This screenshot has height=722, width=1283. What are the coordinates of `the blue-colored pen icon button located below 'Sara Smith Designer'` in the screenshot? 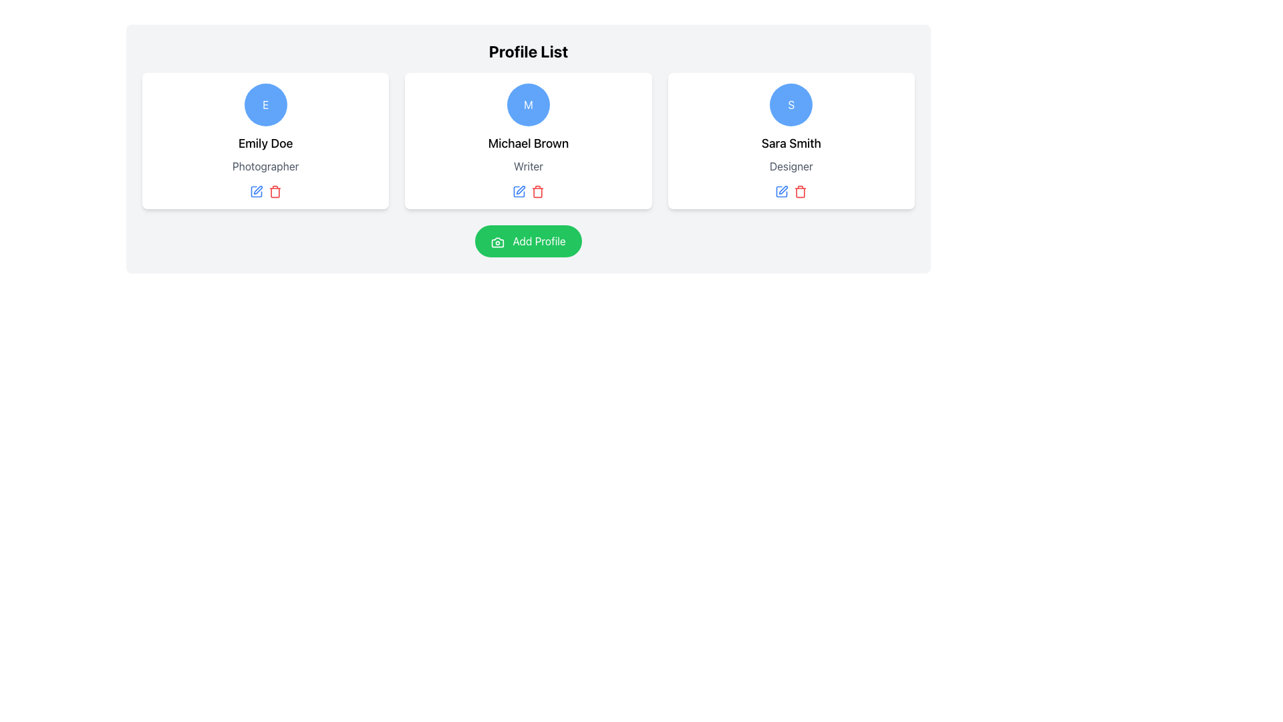 It's located at (782, 191).